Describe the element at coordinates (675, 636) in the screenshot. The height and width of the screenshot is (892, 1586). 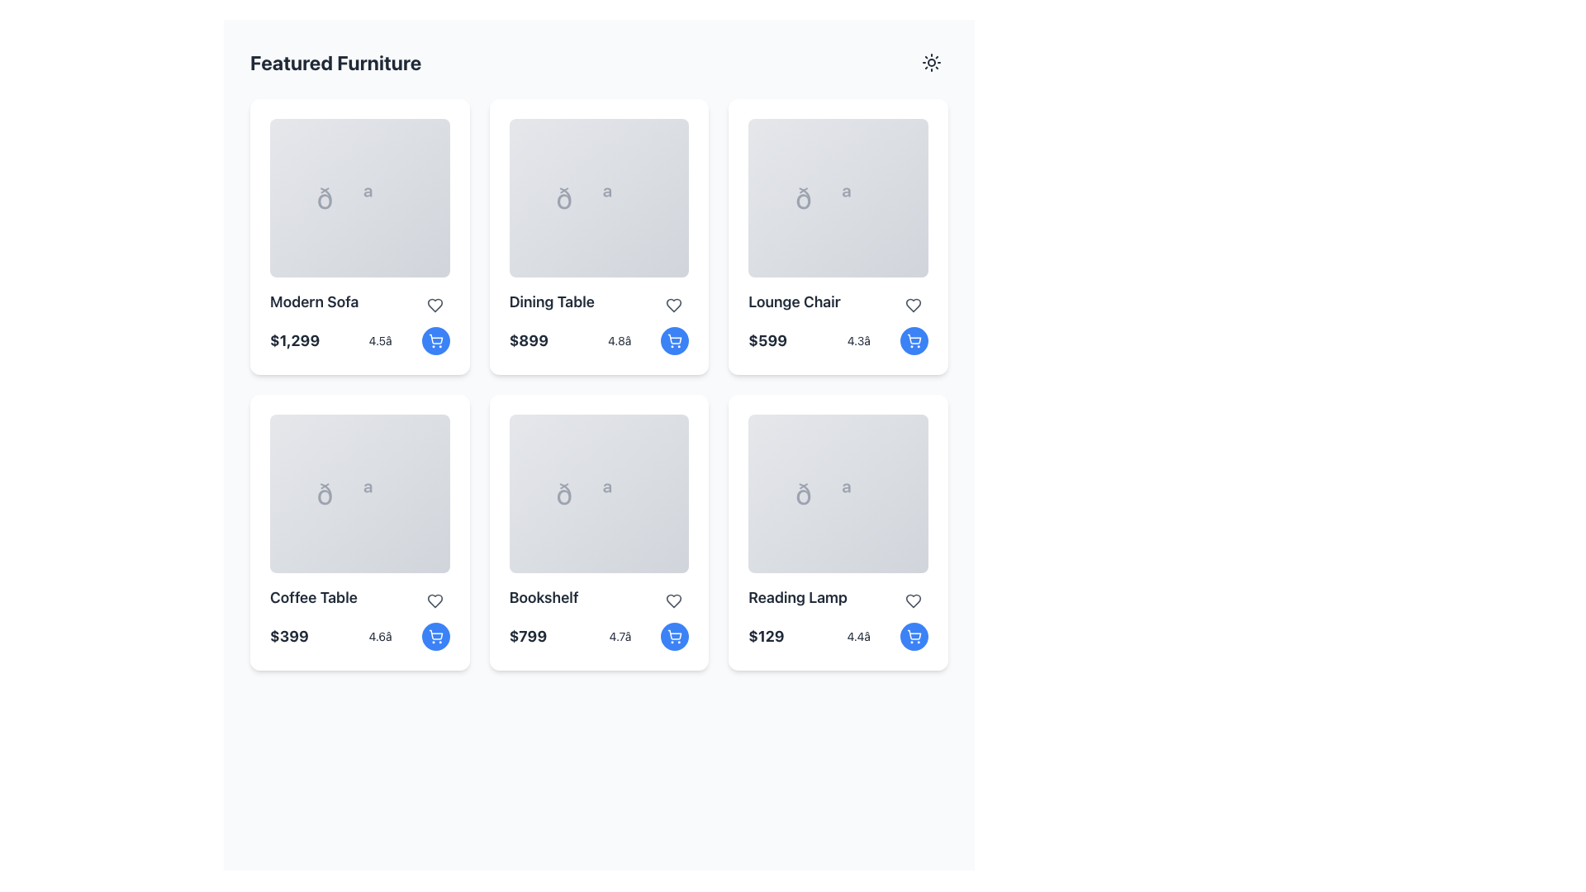
I see `the rounded blue button with a shopping cart icon located at the bottom-right corner of the 'Bookshelf' product card` at that location.